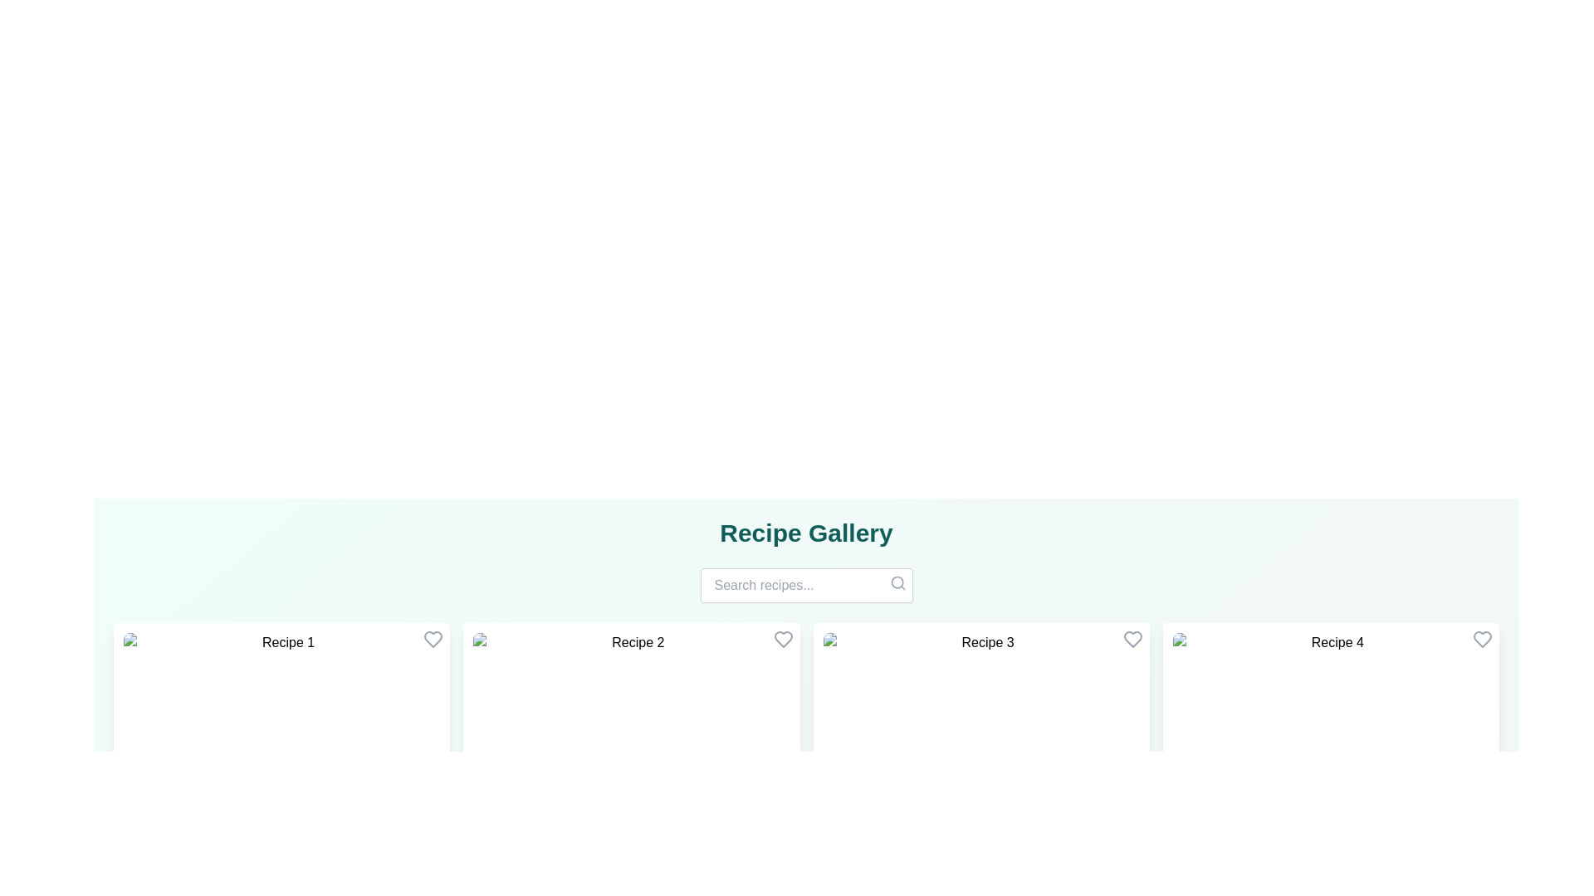 This screenshot has width=1594, height=896. Describe the element at coordinates (897, 582) in the screenshot. I see `the search icon located in the right section of the search input field, which signifies the search functionality` at that location.